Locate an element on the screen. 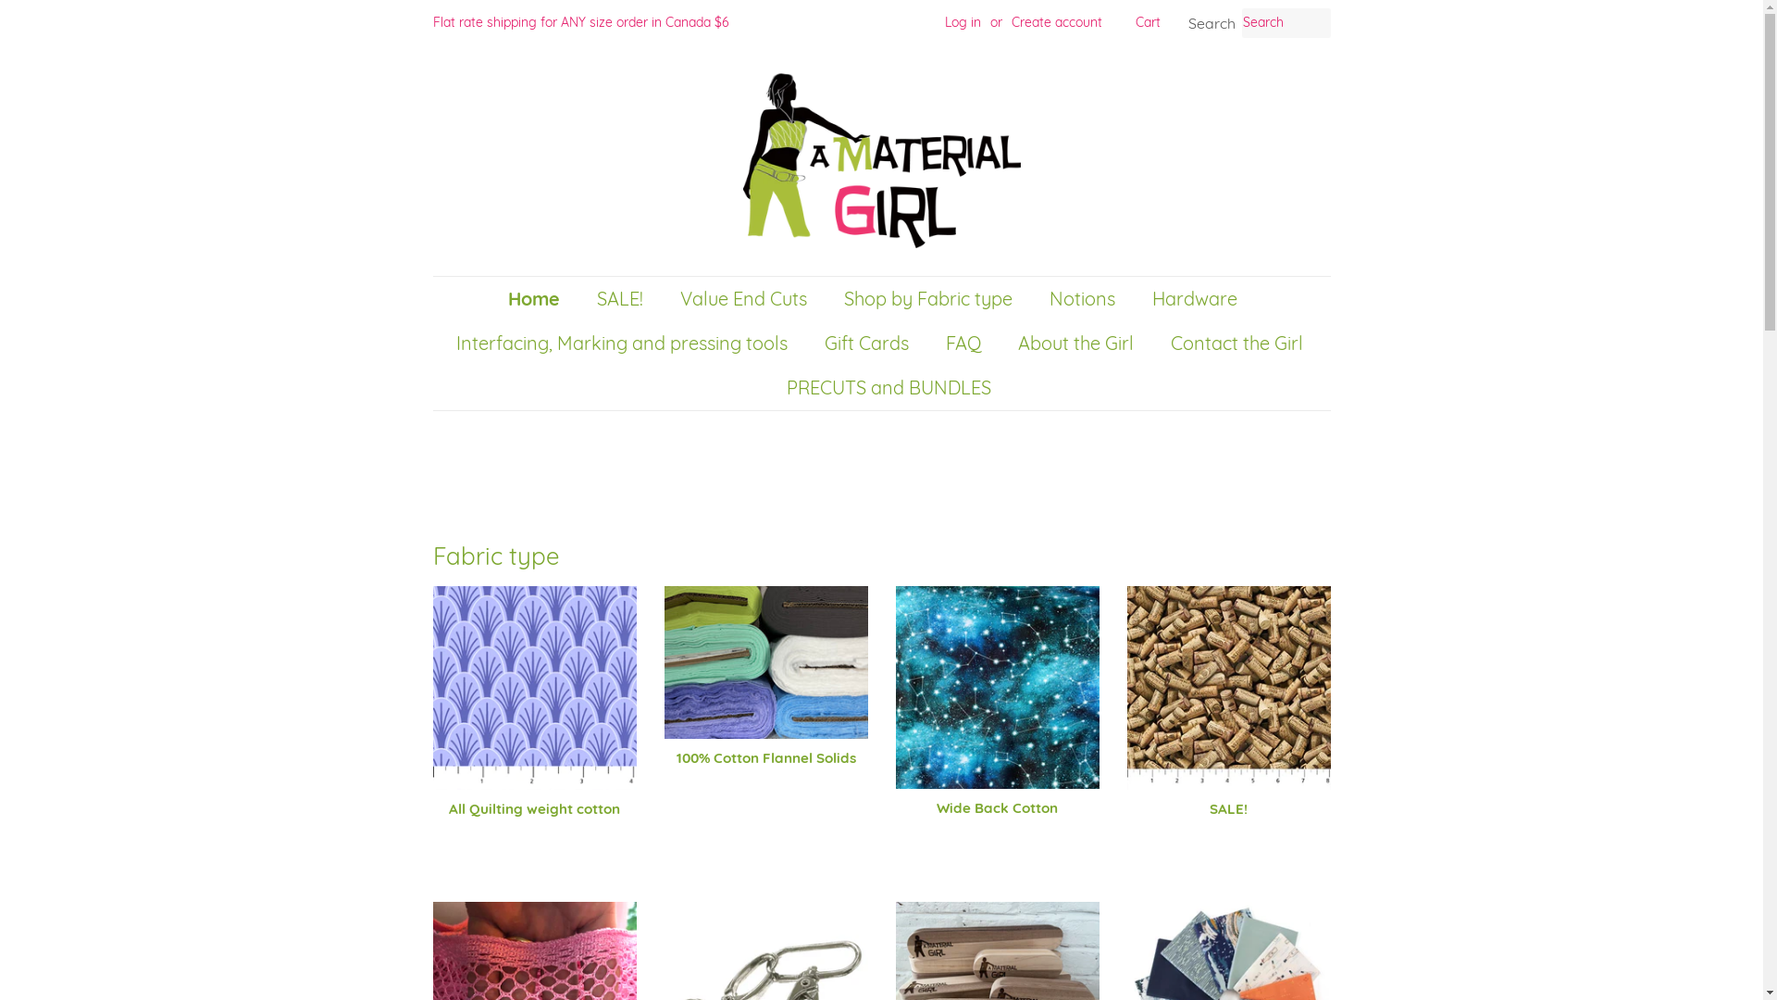 This screenshot has width=1777, height=1000. 'Create account' is located at coordinates (1056, 21).